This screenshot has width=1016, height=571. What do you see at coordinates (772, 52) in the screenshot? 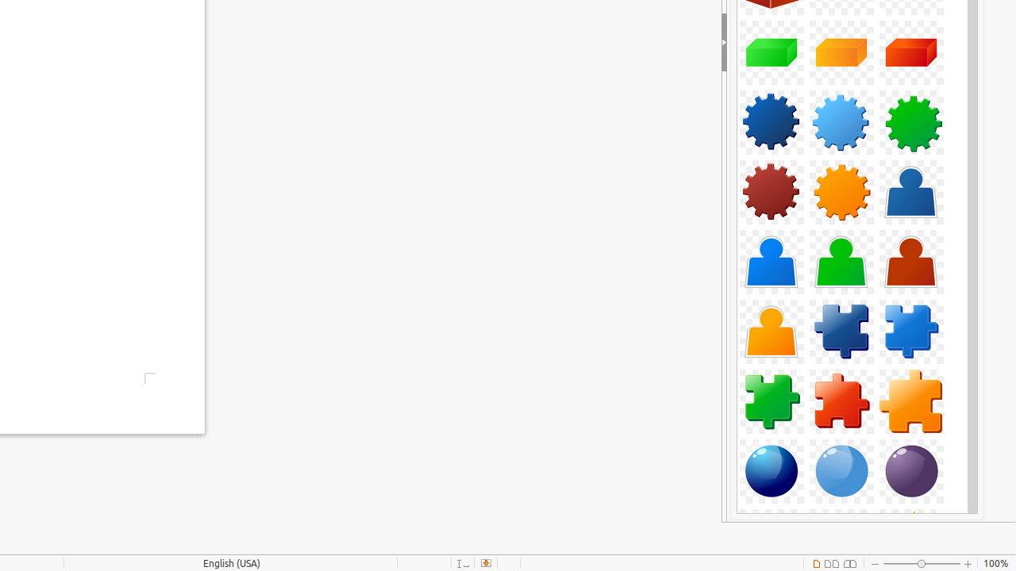
I see `'Component-Cuboid03-Green'` at bounding box center [772, 52].